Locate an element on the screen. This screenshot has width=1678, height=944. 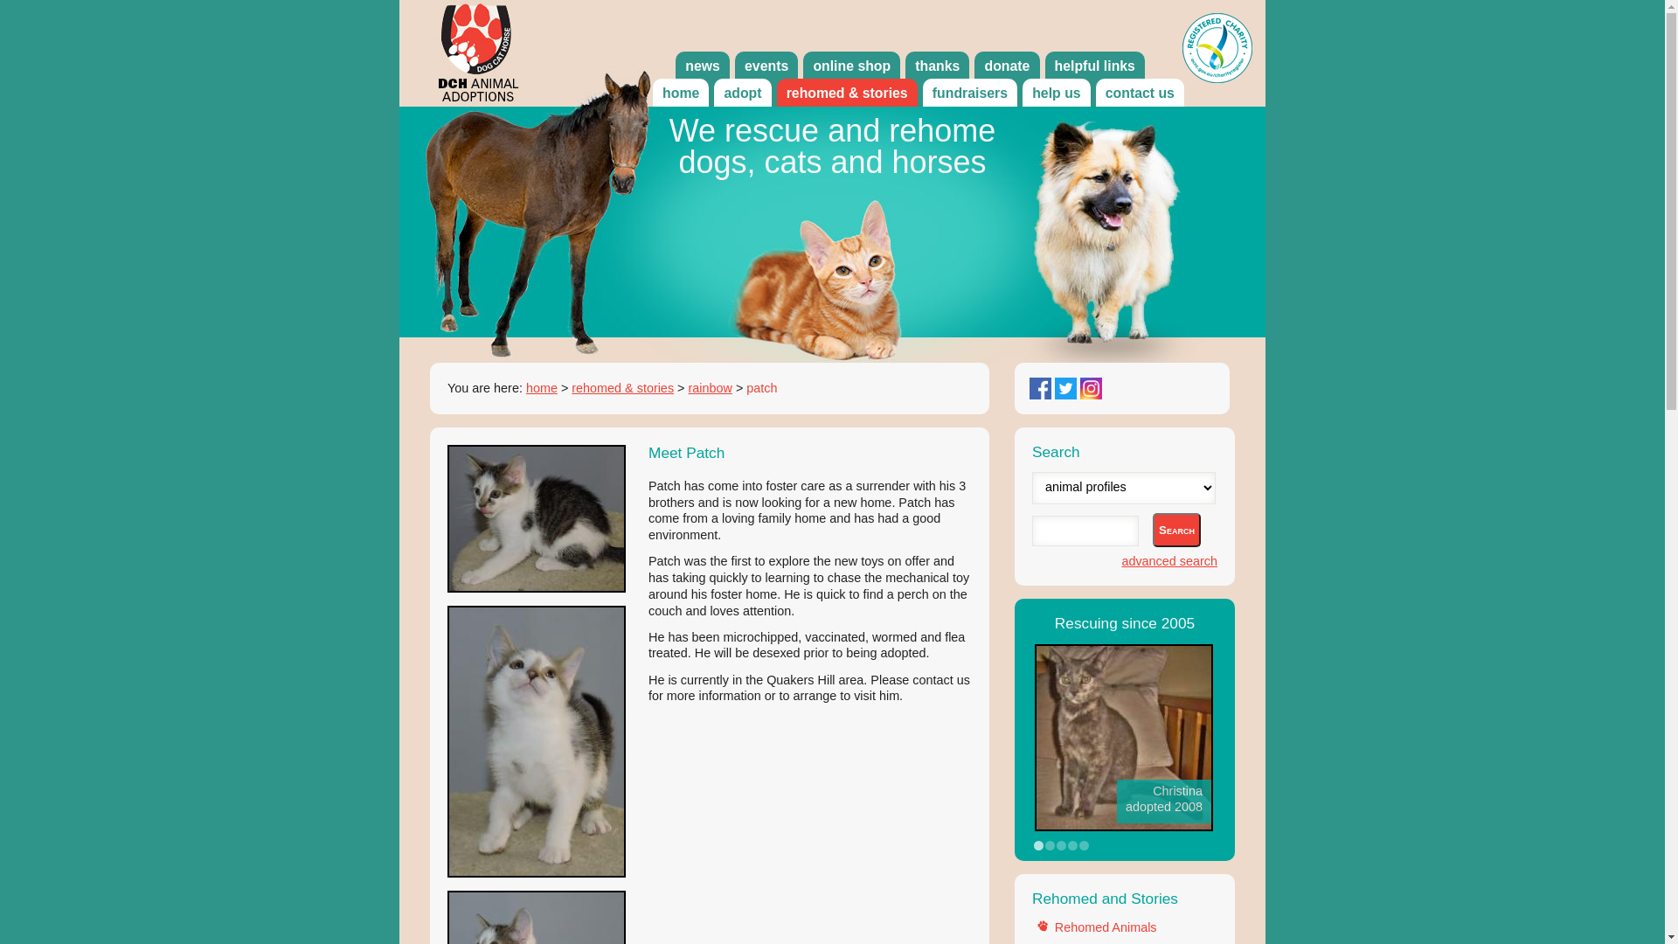
'news' is located at coordinates (702, 66).